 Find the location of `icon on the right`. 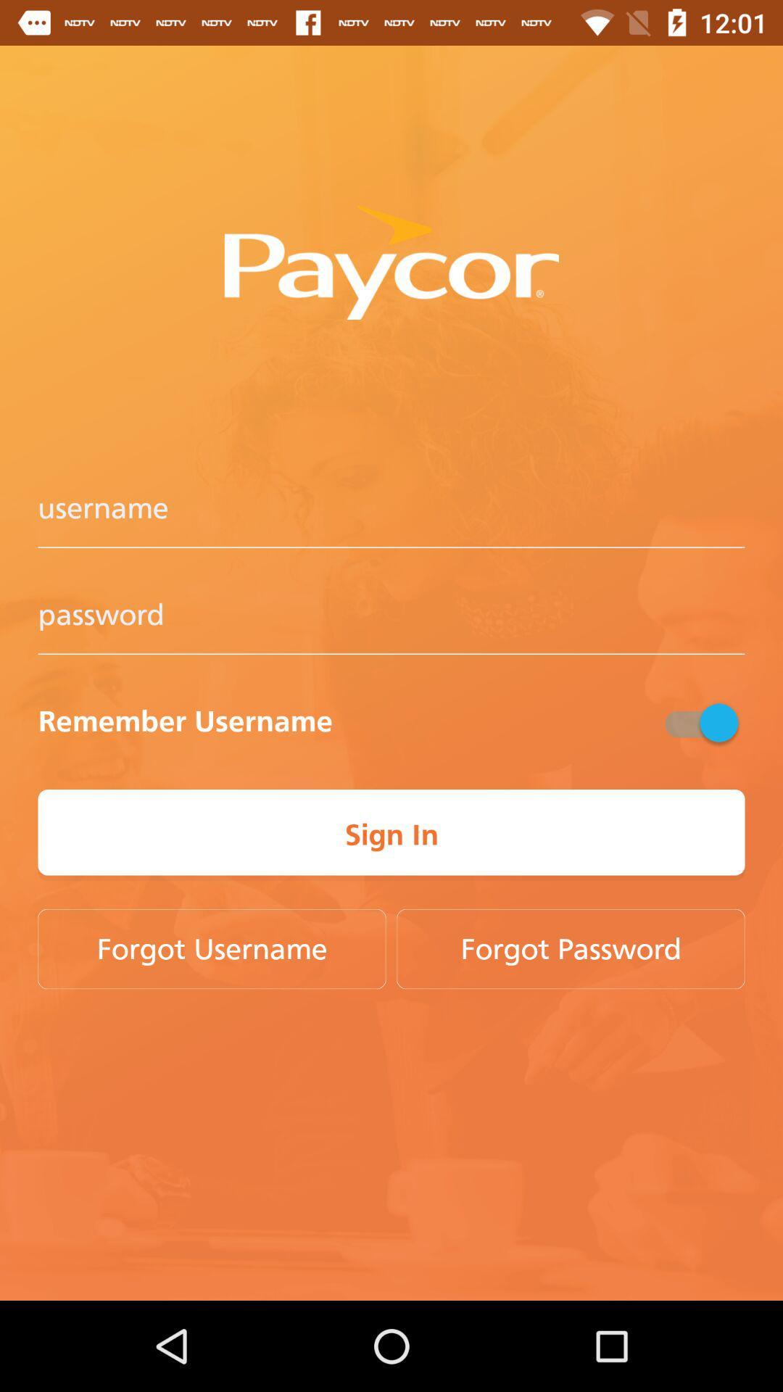

icon on the right is located at coordinates (699, 722).